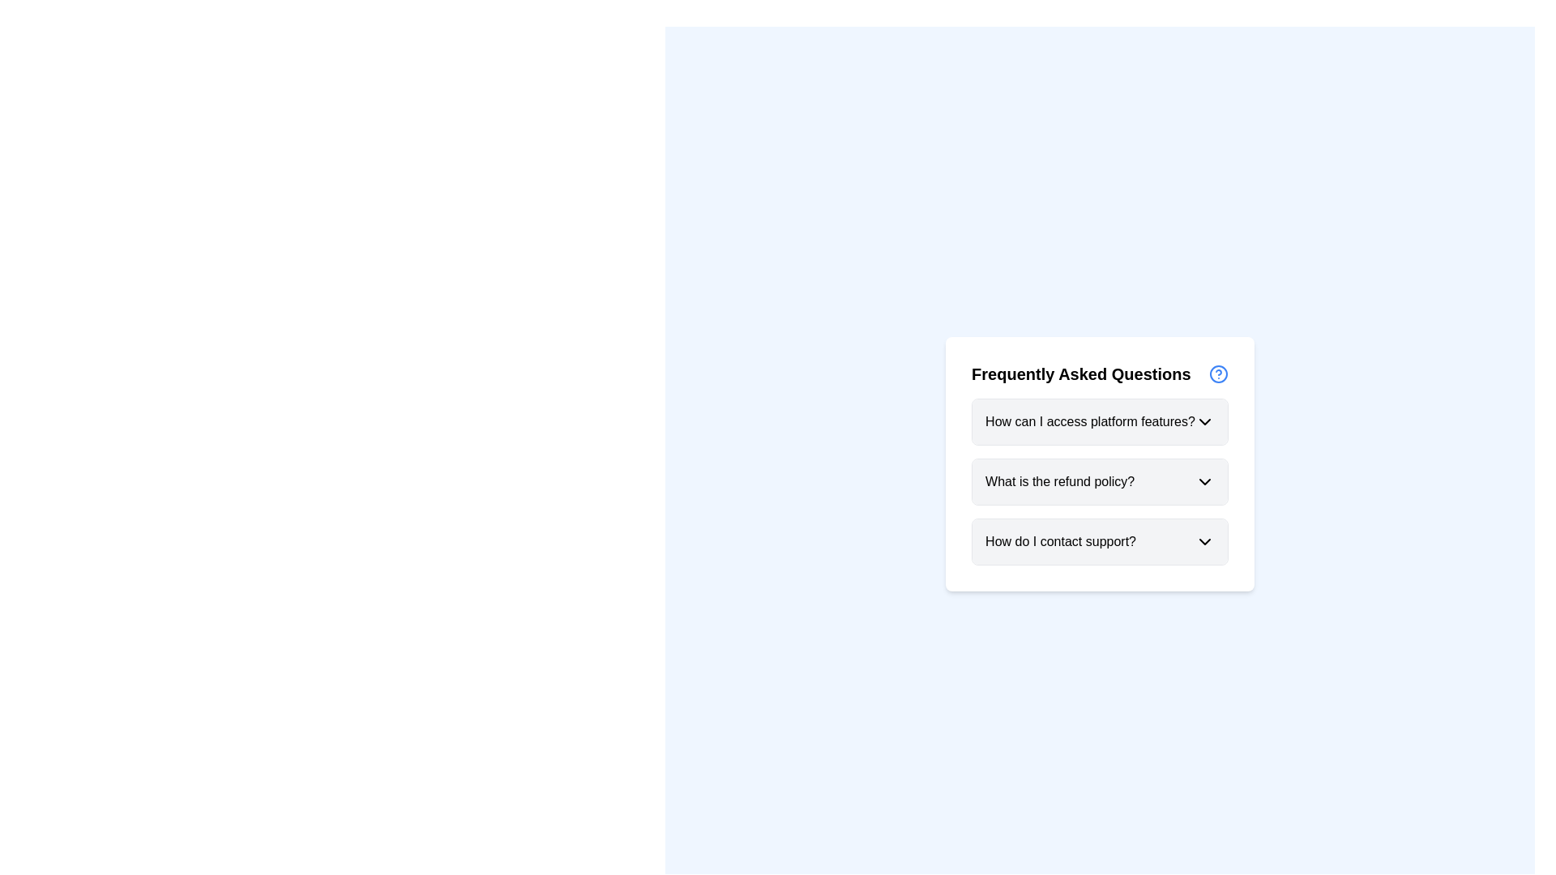 Image resolution: width=1556 pixels, height=875 pixels. I want to click on the downward-pointing chevron icon located on the right side of the 'What is the refund policy?' section, so click(1204, 480).